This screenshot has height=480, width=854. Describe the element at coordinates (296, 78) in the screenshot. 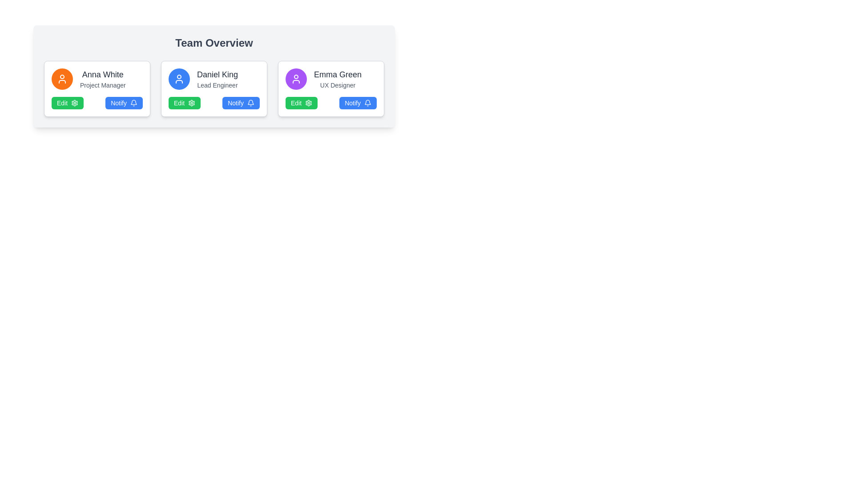

I see `the decorative icon representing the user associated with the card titled 'Emma Green', located at the top center of the purple circular area inside the third user card from the left` at that location.